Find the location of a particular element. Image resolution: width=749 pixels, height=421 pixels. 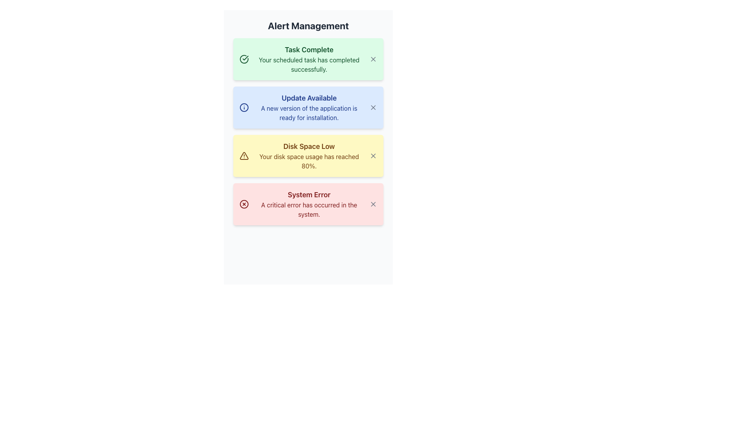

the error message displayed in the Text block located at the bottom of the alert notifications list, which is the fourth item in the column is located at coordinates (309, 204).